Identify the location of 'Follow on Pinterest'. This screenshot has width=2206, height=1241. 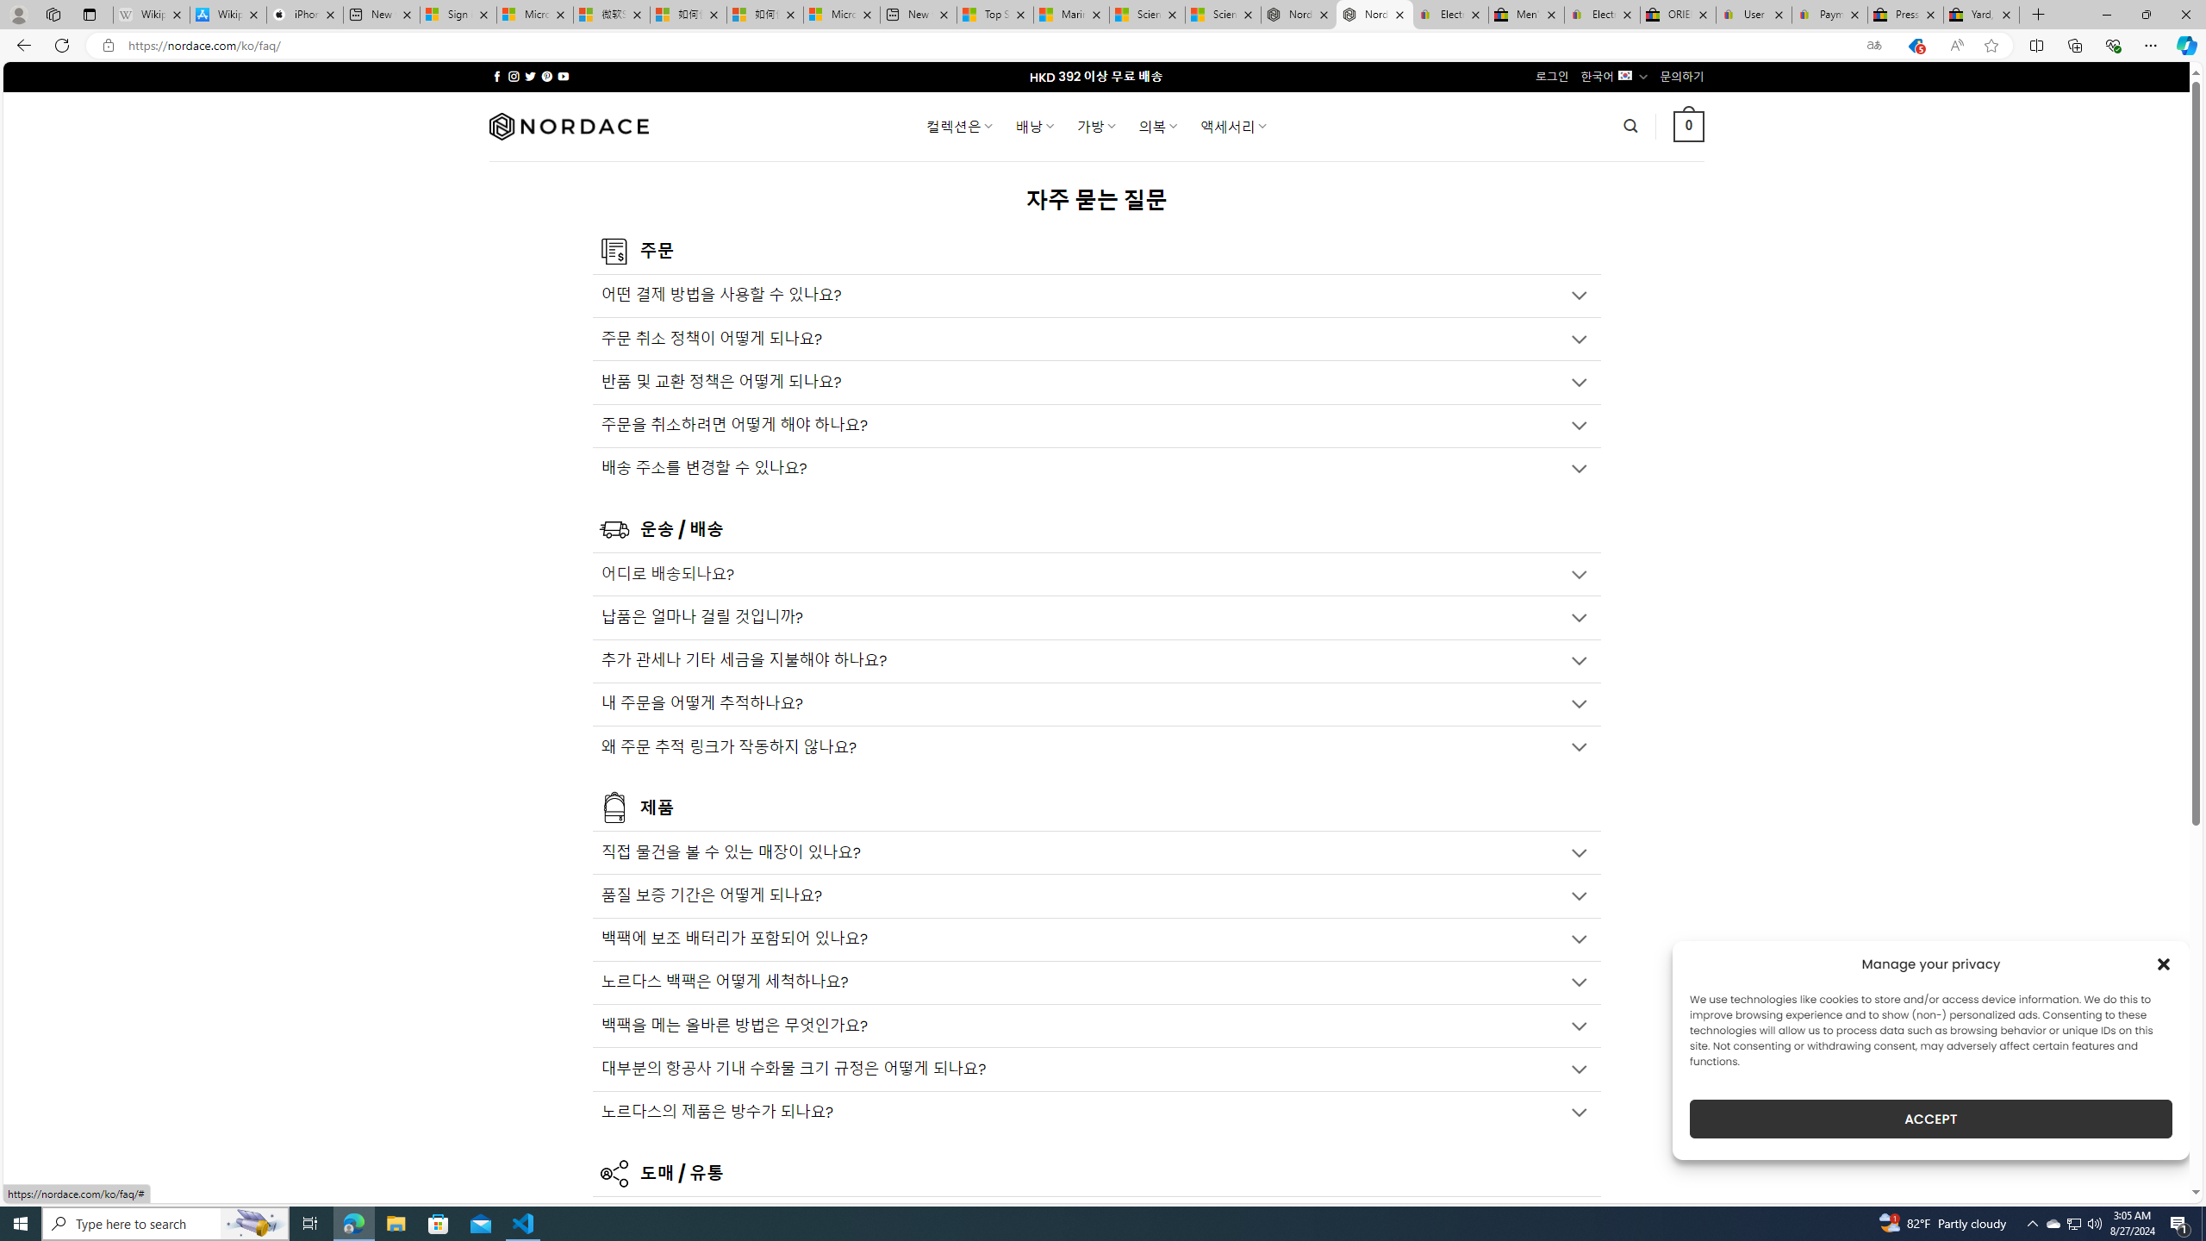
(545, 76).